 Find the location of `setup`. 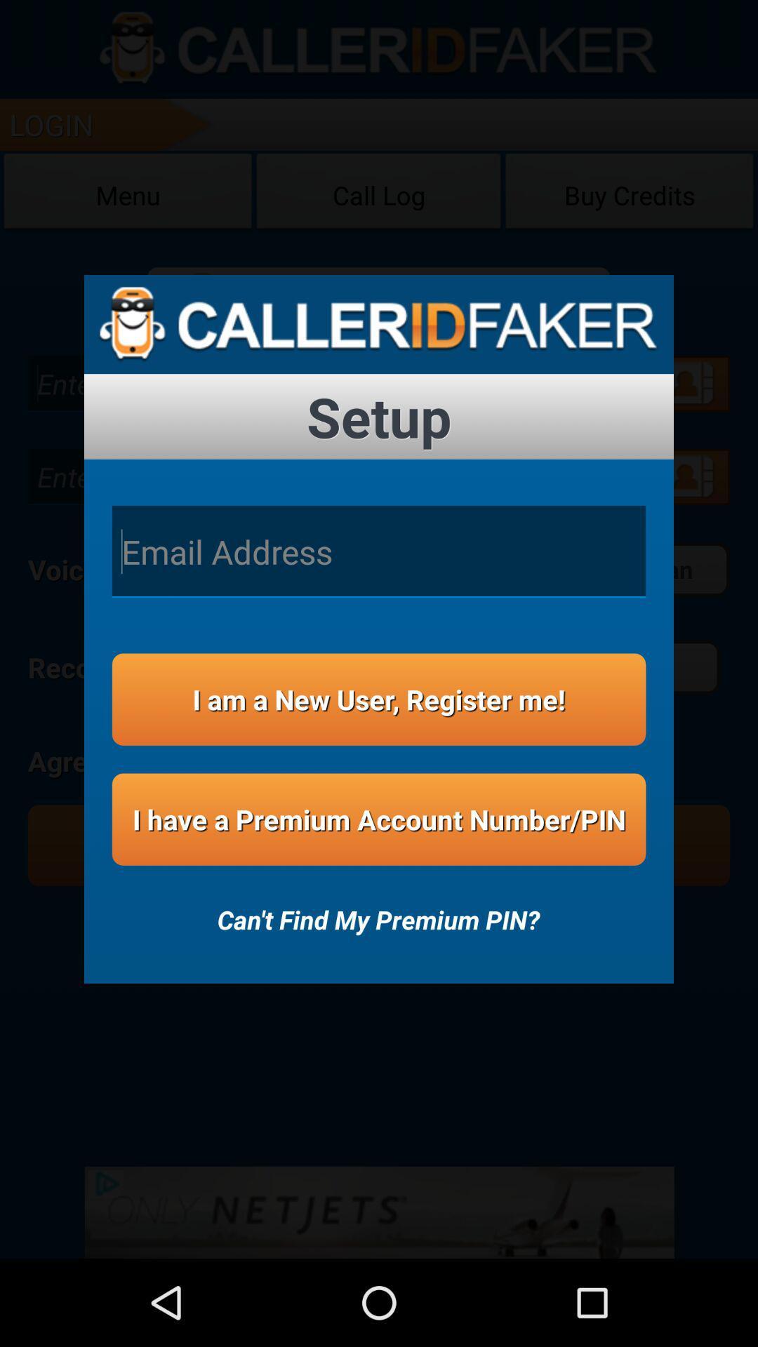

setup is located at coordinates (379, 416).